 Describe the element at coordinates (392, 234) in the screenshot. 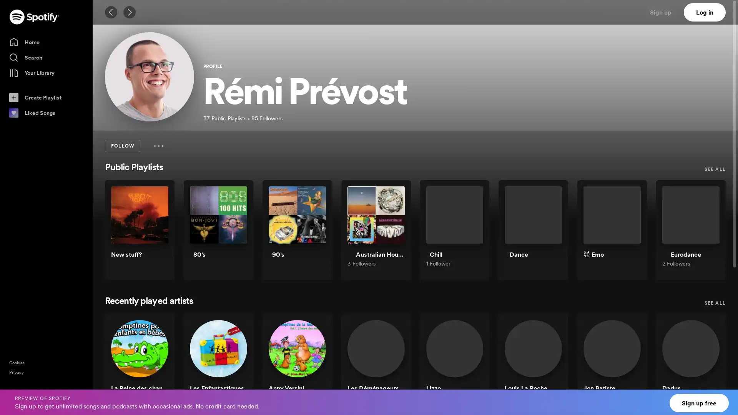

I see `Play  Australian House` at that location.